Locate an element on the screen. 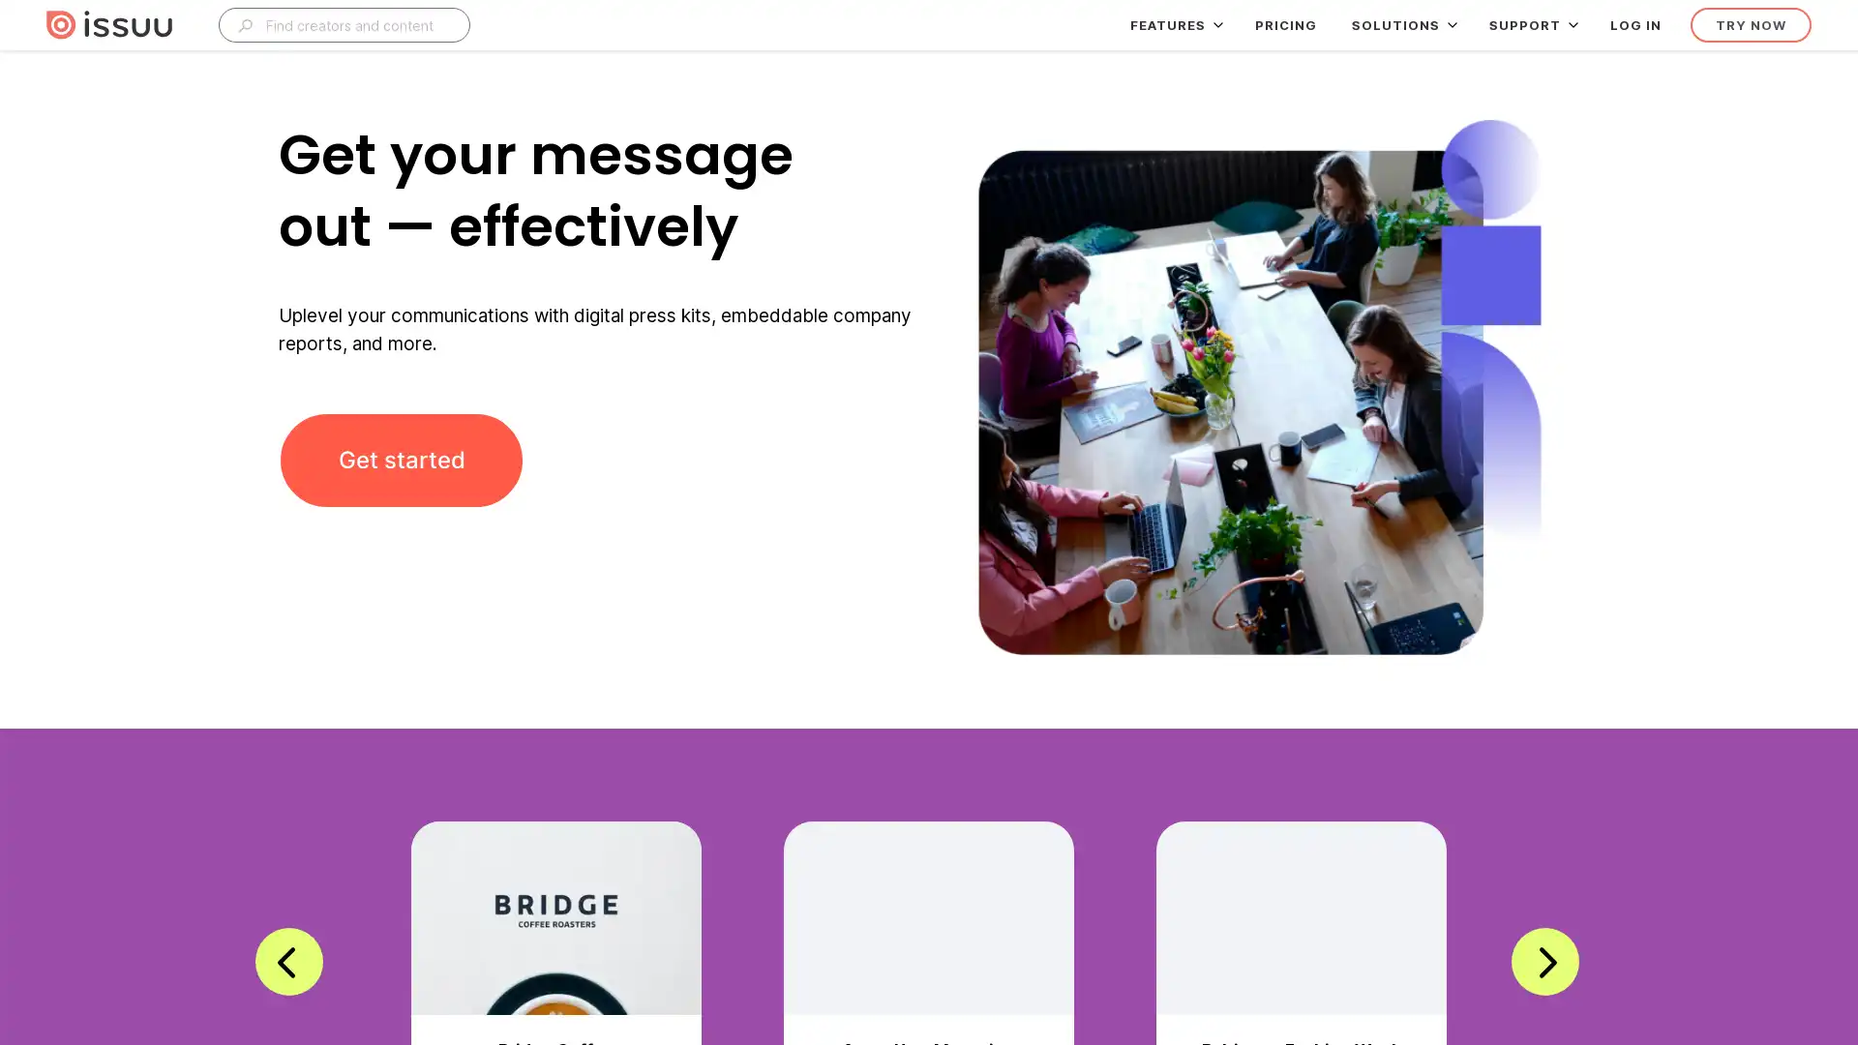  previous is located at coordinates (287, 962).